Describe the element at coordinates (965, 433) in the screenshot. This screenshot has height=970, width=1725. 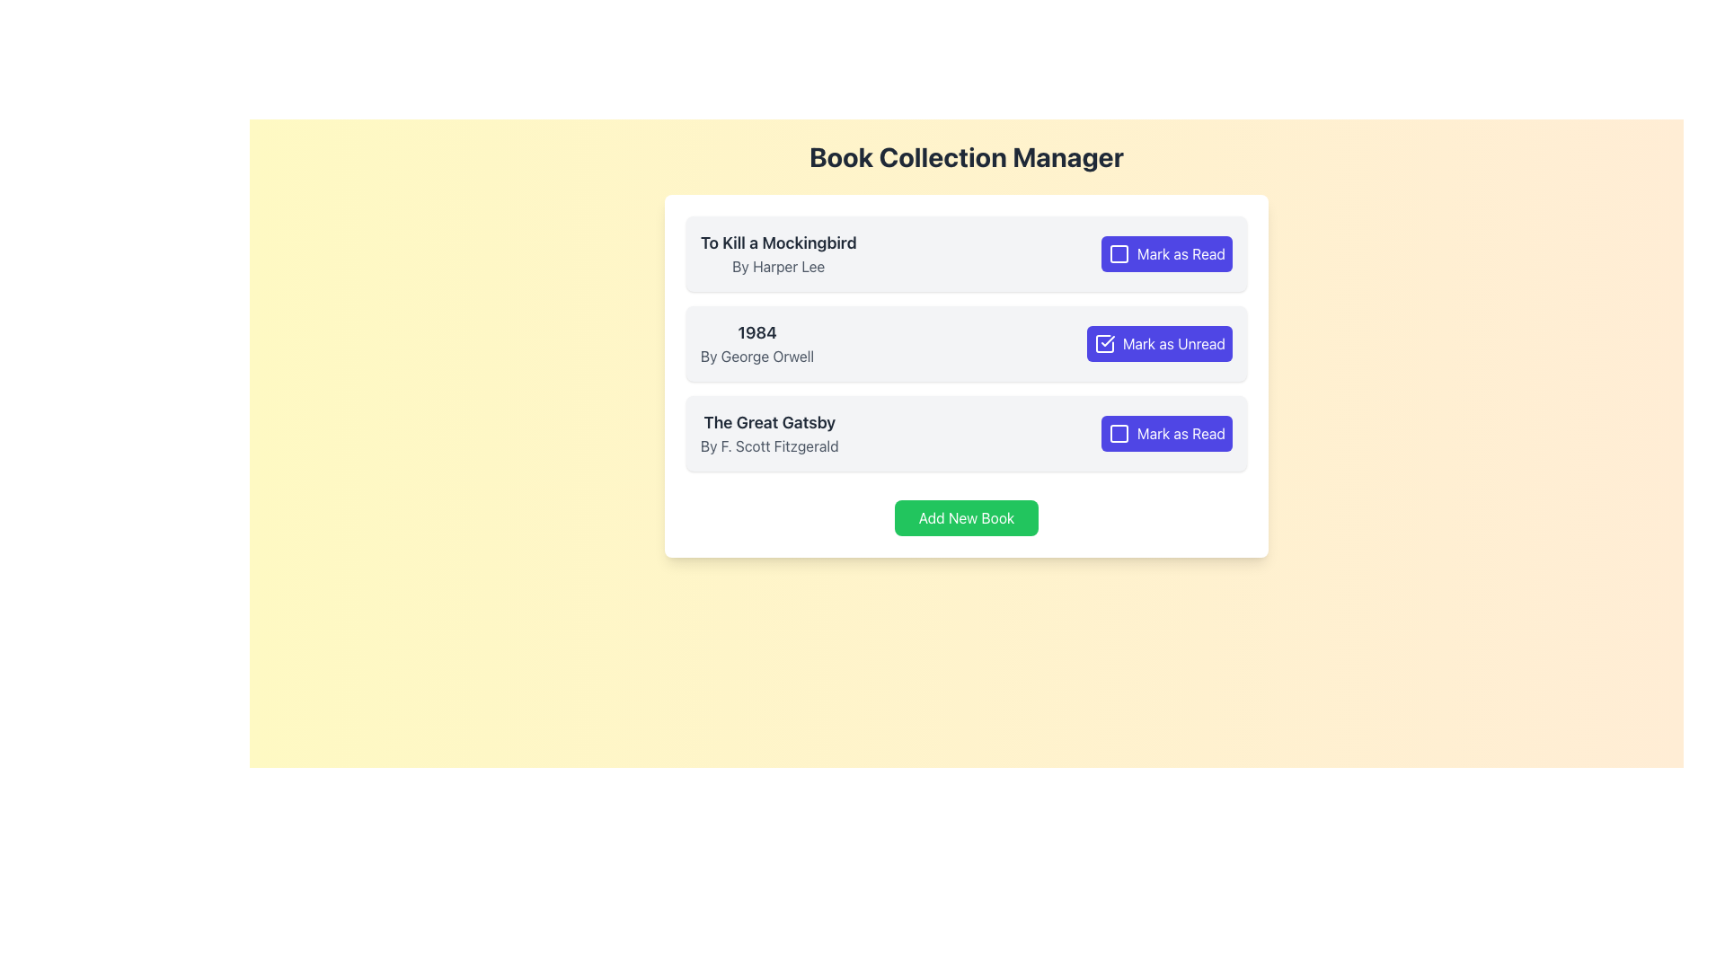
I see `the 'Mark as Read' button in the third list entry of the 'Book Collection Manager', which contains the book title 'The Great Gatsby' and author 'By F. Scott Fitzgerald'` at that location.